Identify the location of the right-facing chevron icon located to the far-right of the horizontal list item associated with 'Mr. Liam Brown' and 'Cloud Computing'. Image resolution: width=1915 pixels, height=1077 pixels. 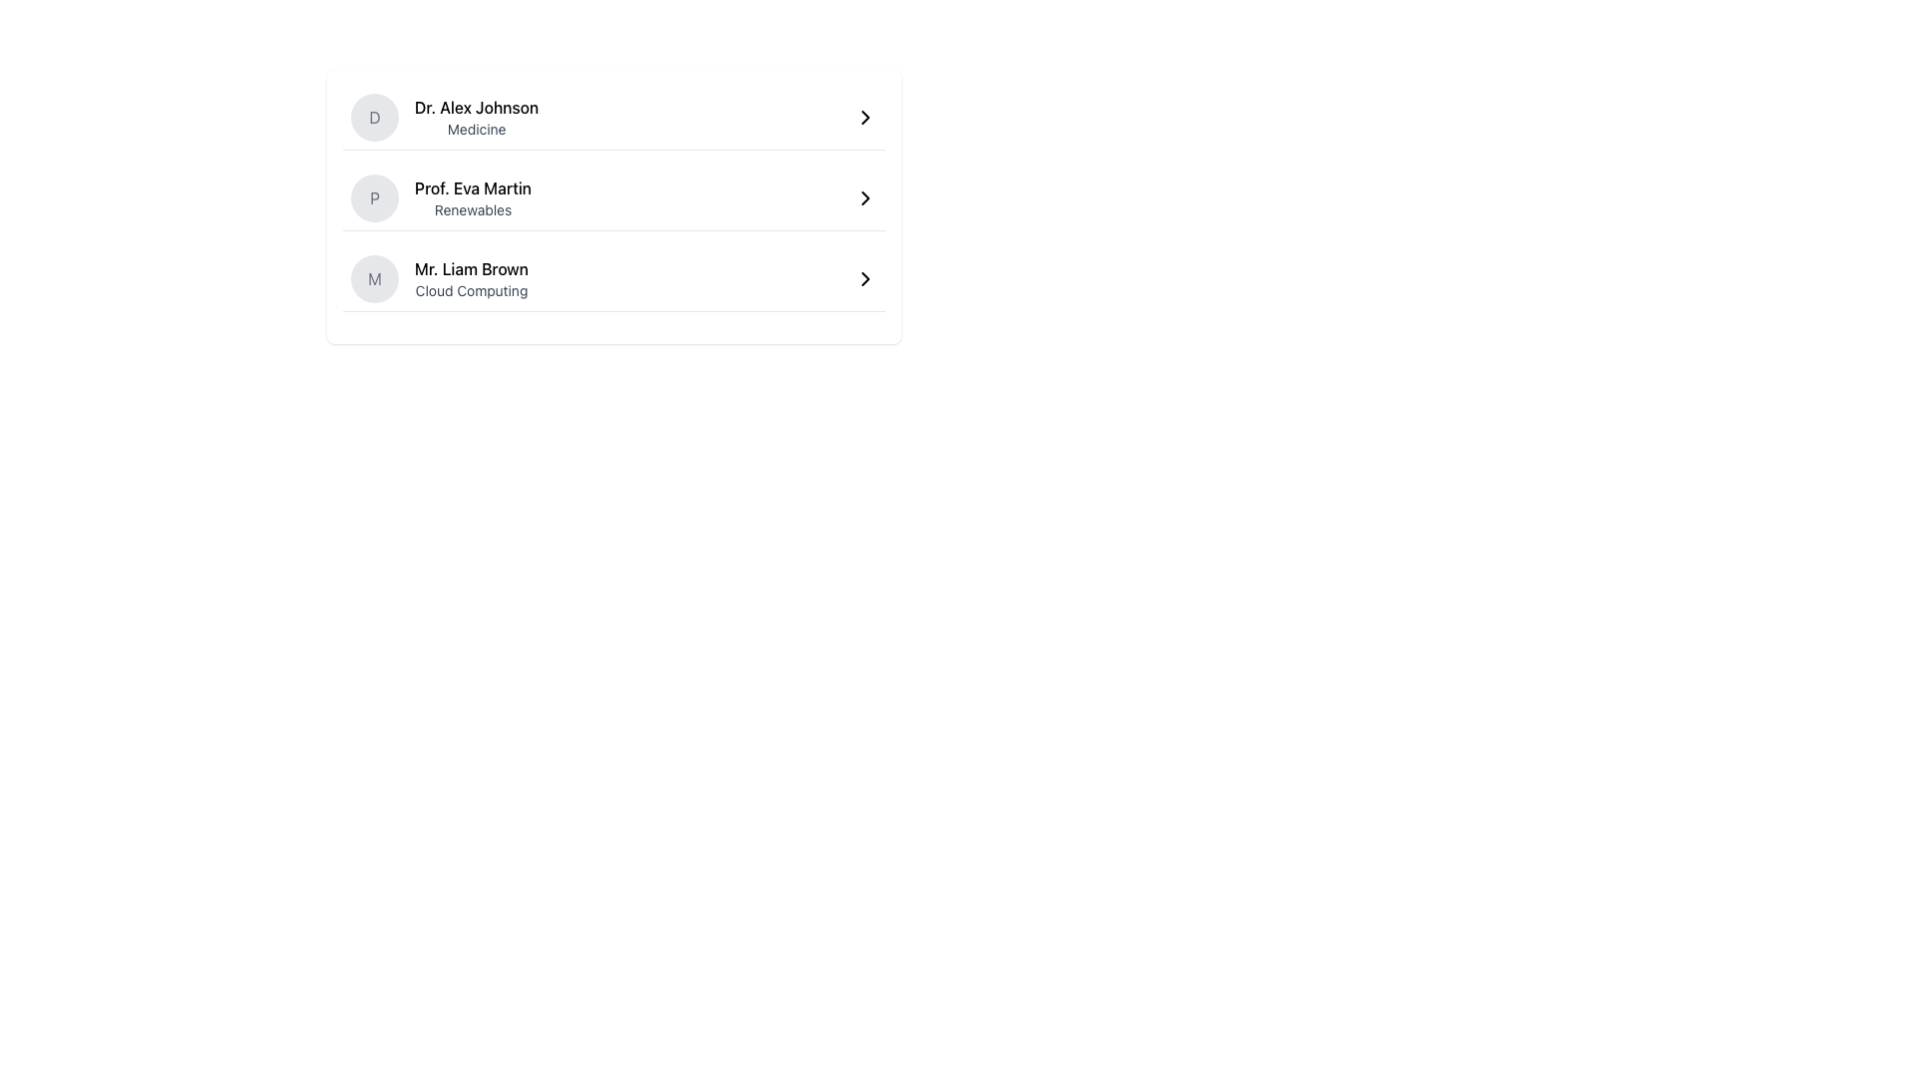
(866, 279).